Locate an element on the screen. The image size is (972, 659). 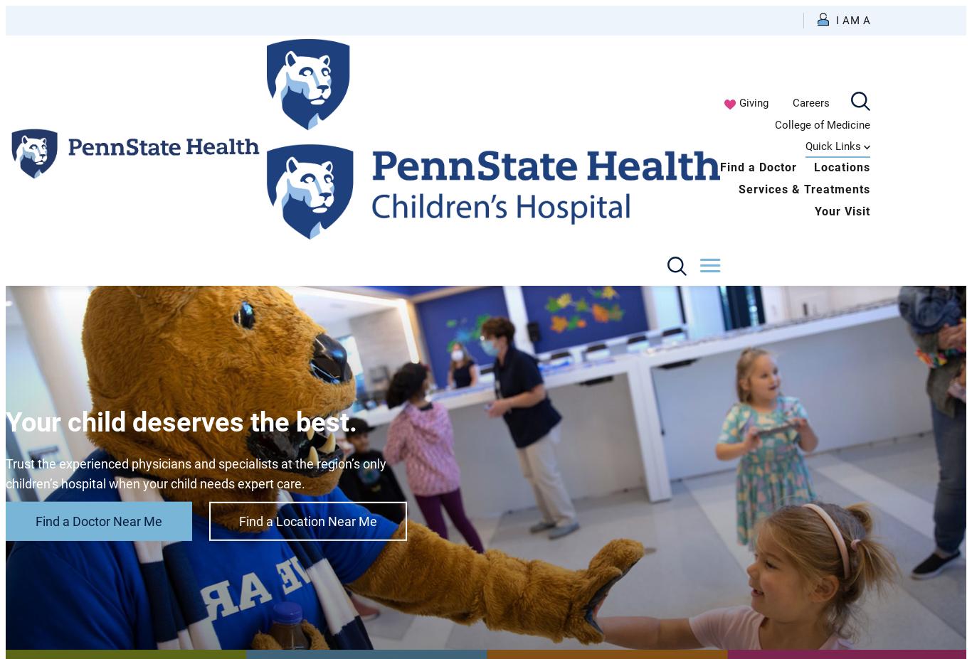
'Volunteer or Donor' is located at coordinates (724, 276).